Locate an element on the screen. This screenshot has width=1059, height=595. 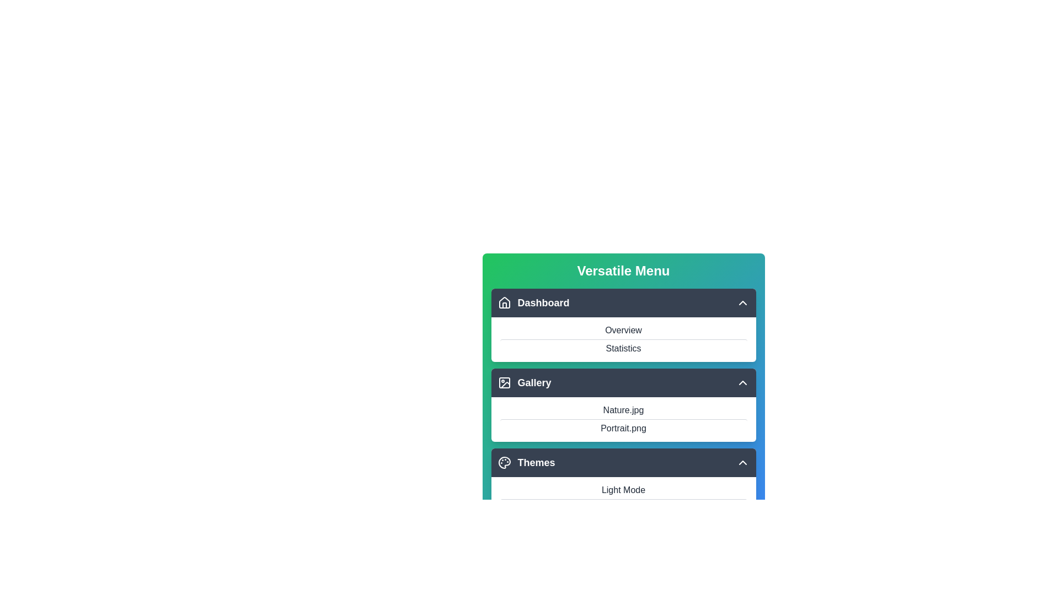
the item Portrait.png from the section Gallery is located at coordinates (623, 382).